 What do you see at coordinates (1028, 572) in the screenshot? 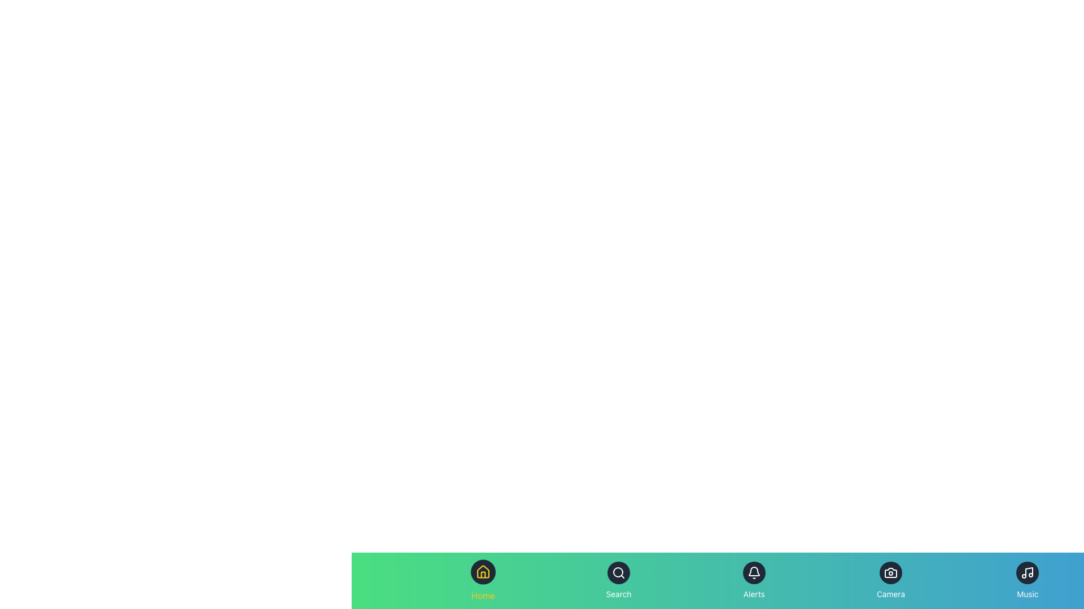
I see `the circular dark gray Icon Button with a white music note icon located at the bottom right corner of the interface under the 'Music' label` at bounding box center [1028, 572].